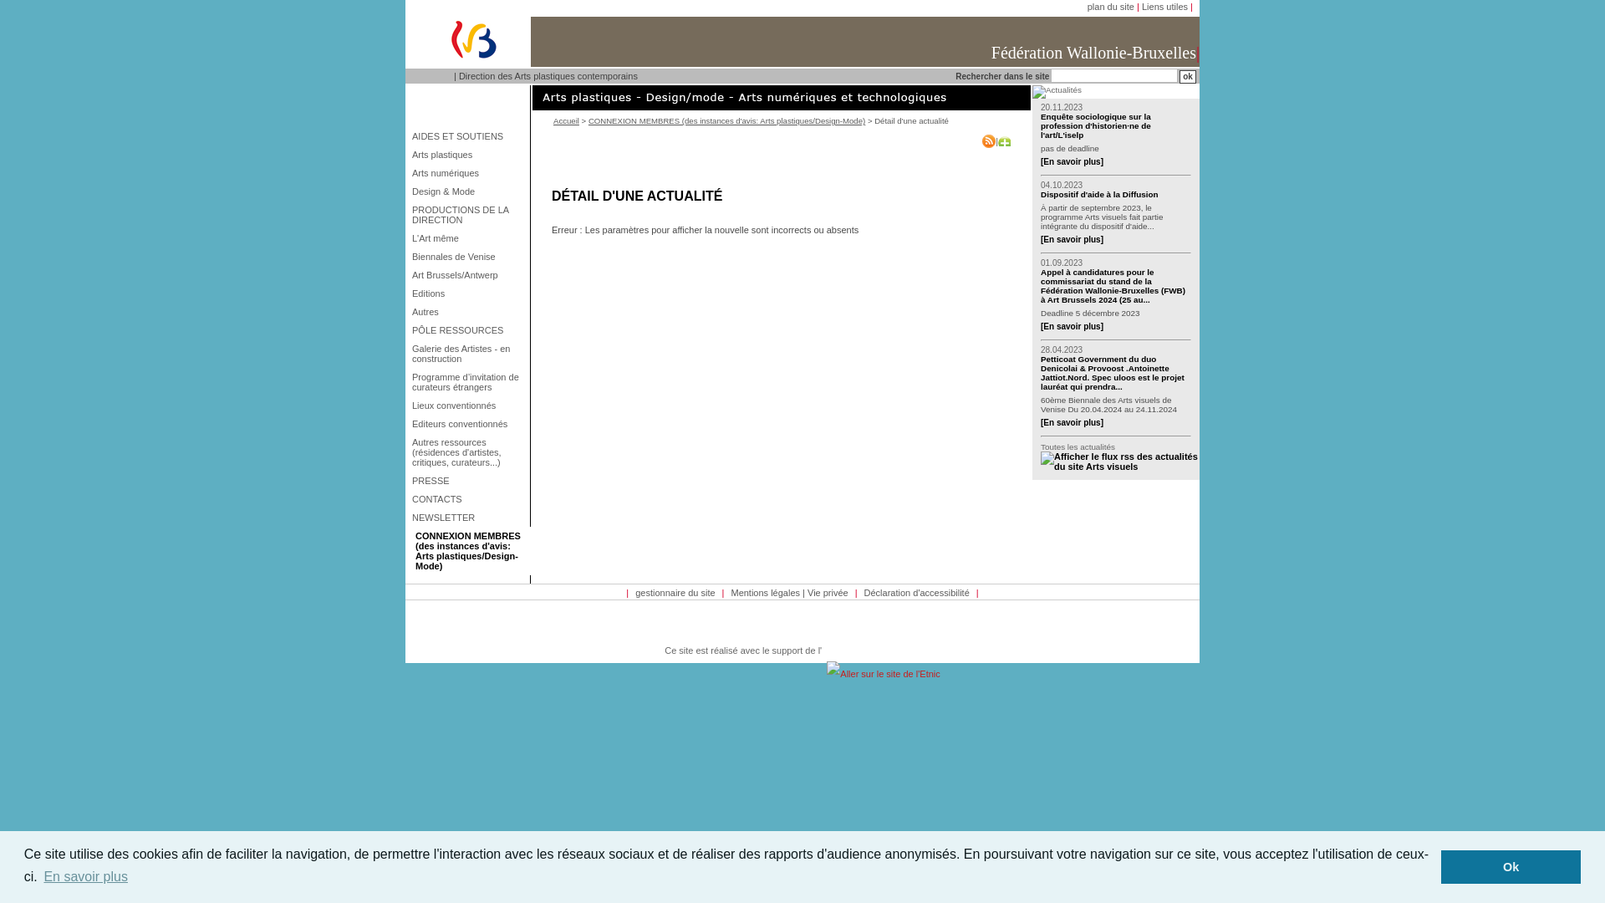 The height and width of the screenshot is (903, 1605). What do you see at coordinates (468, 135) in the screenshot?
I see `'AIDES ET SOUTIENS'` at bounding box center [468, 135].